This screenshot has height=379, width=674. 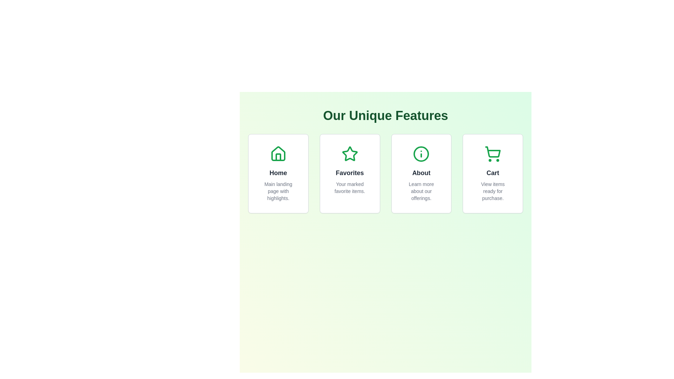 What do you see at coordinates (350, 187) in the screenshot?
I see `the text paragraph displaying 'Your marked favorite items.' in the Favorites card, located centrally within the main features section` at bounding box center [350, 187].